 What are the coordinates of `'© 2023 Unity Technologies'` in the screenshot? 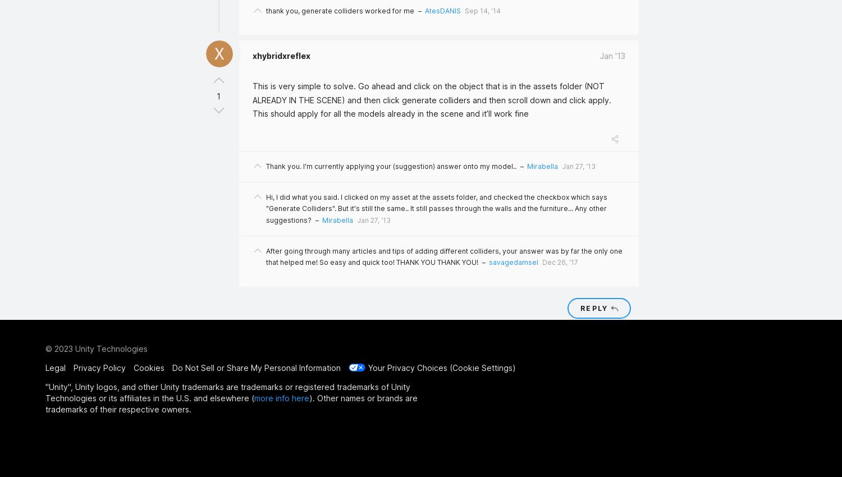 It's located at (45, 347).